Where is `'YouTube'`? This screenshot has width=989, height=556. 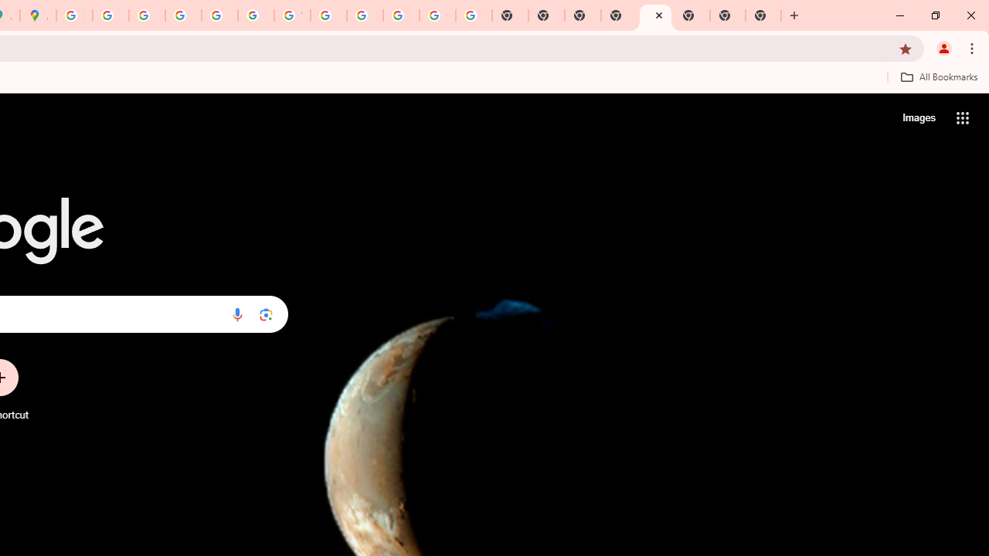 'YouTube' is located at coordinates (292, 15).